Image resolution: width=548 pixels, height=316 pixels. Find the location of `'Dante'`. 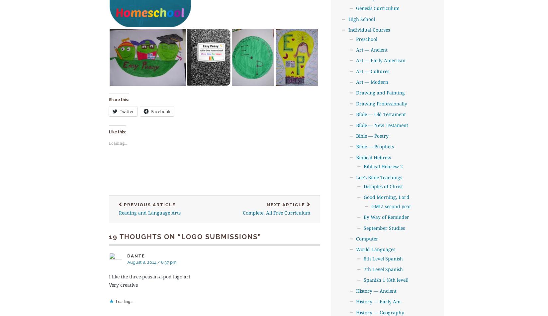

'Dante' is located at coordinates (136, 255).